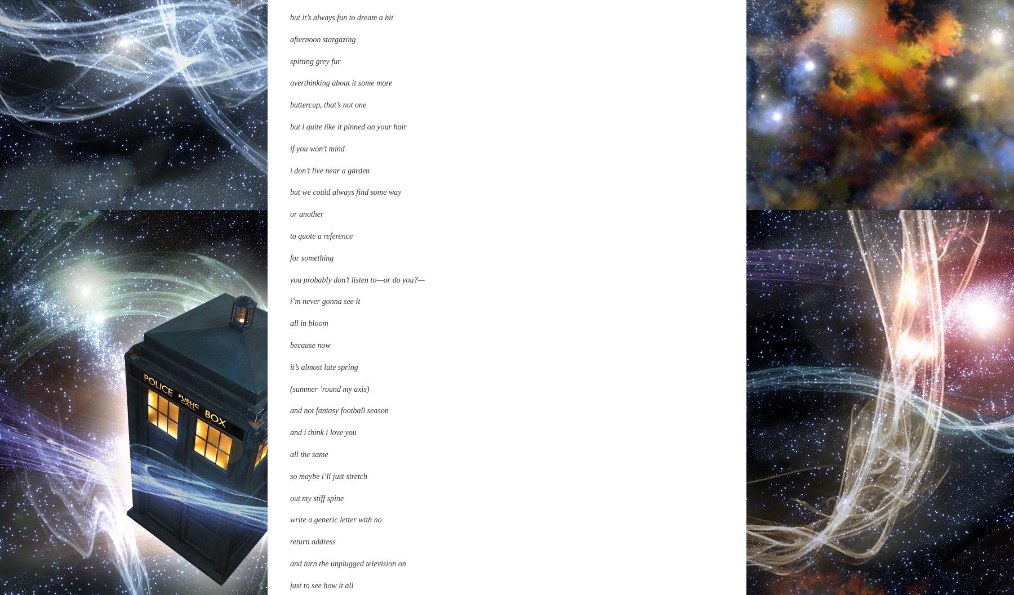 The height and width of the screenshot is (595, 1014). What do you see at coordinates (309, 451) in the screenshot?
I see `'for me either'` at bounding box center [309, 451].